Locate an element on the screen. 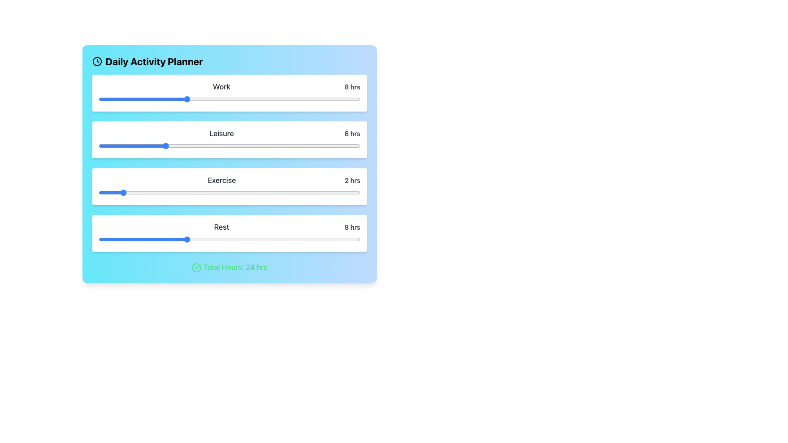 The image size is (788, 443). the outer boundary of the clock icon in the 'Daily Activity Planner' interface, which is represented by a vector graphic element is located at coordinates (97, 61).